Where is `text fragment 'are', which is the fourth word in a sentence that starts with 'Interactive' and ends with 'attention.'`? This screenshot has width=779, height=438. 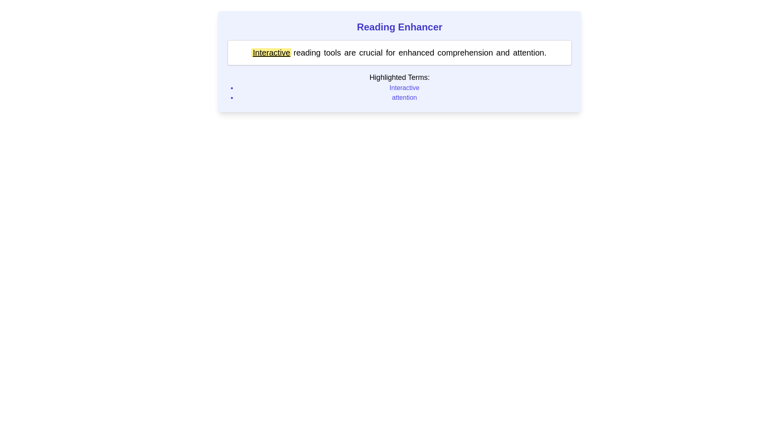 text fragment 'are', which is the fourth word in a sentence that starts with 'Interactive' and ends with 'attention.' is located at coordinates (350, 53).